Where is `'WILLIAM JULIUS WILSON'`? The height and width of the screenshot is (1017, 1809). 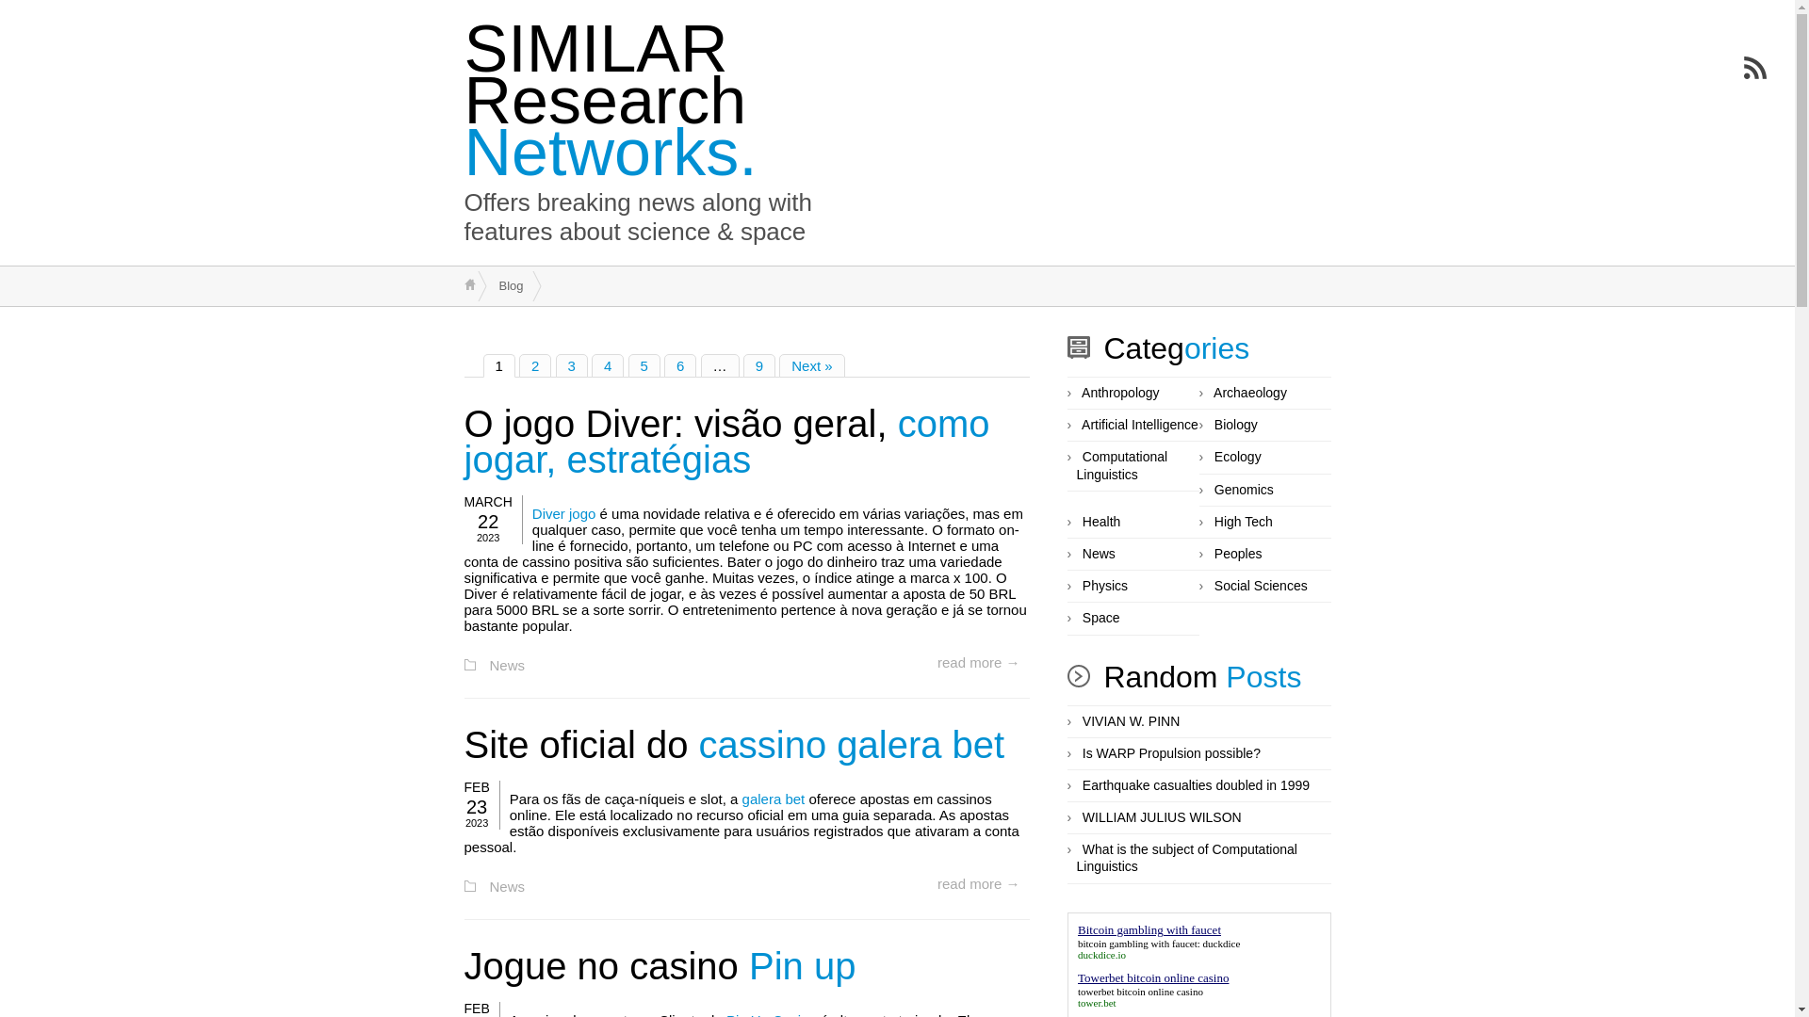 'WILLIAM JULIUS WILSON' is located at coordinates (1082, 816).